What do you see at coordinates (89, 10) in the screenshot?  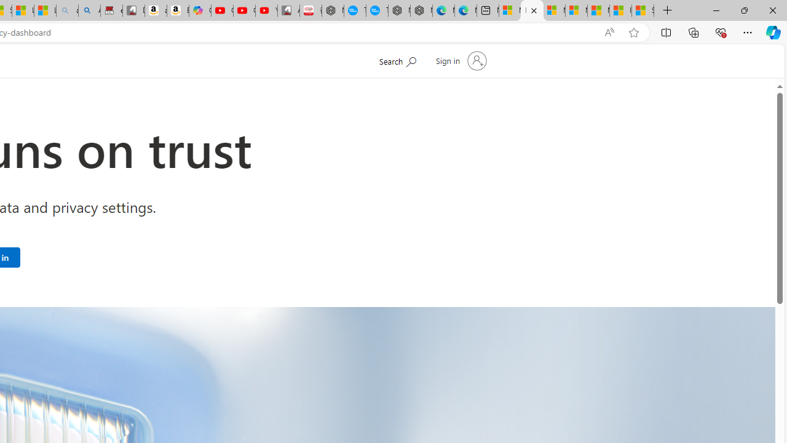 I see `'Amazon Echo Dot PNG - Search Images'` at bounding box center [89, 10].